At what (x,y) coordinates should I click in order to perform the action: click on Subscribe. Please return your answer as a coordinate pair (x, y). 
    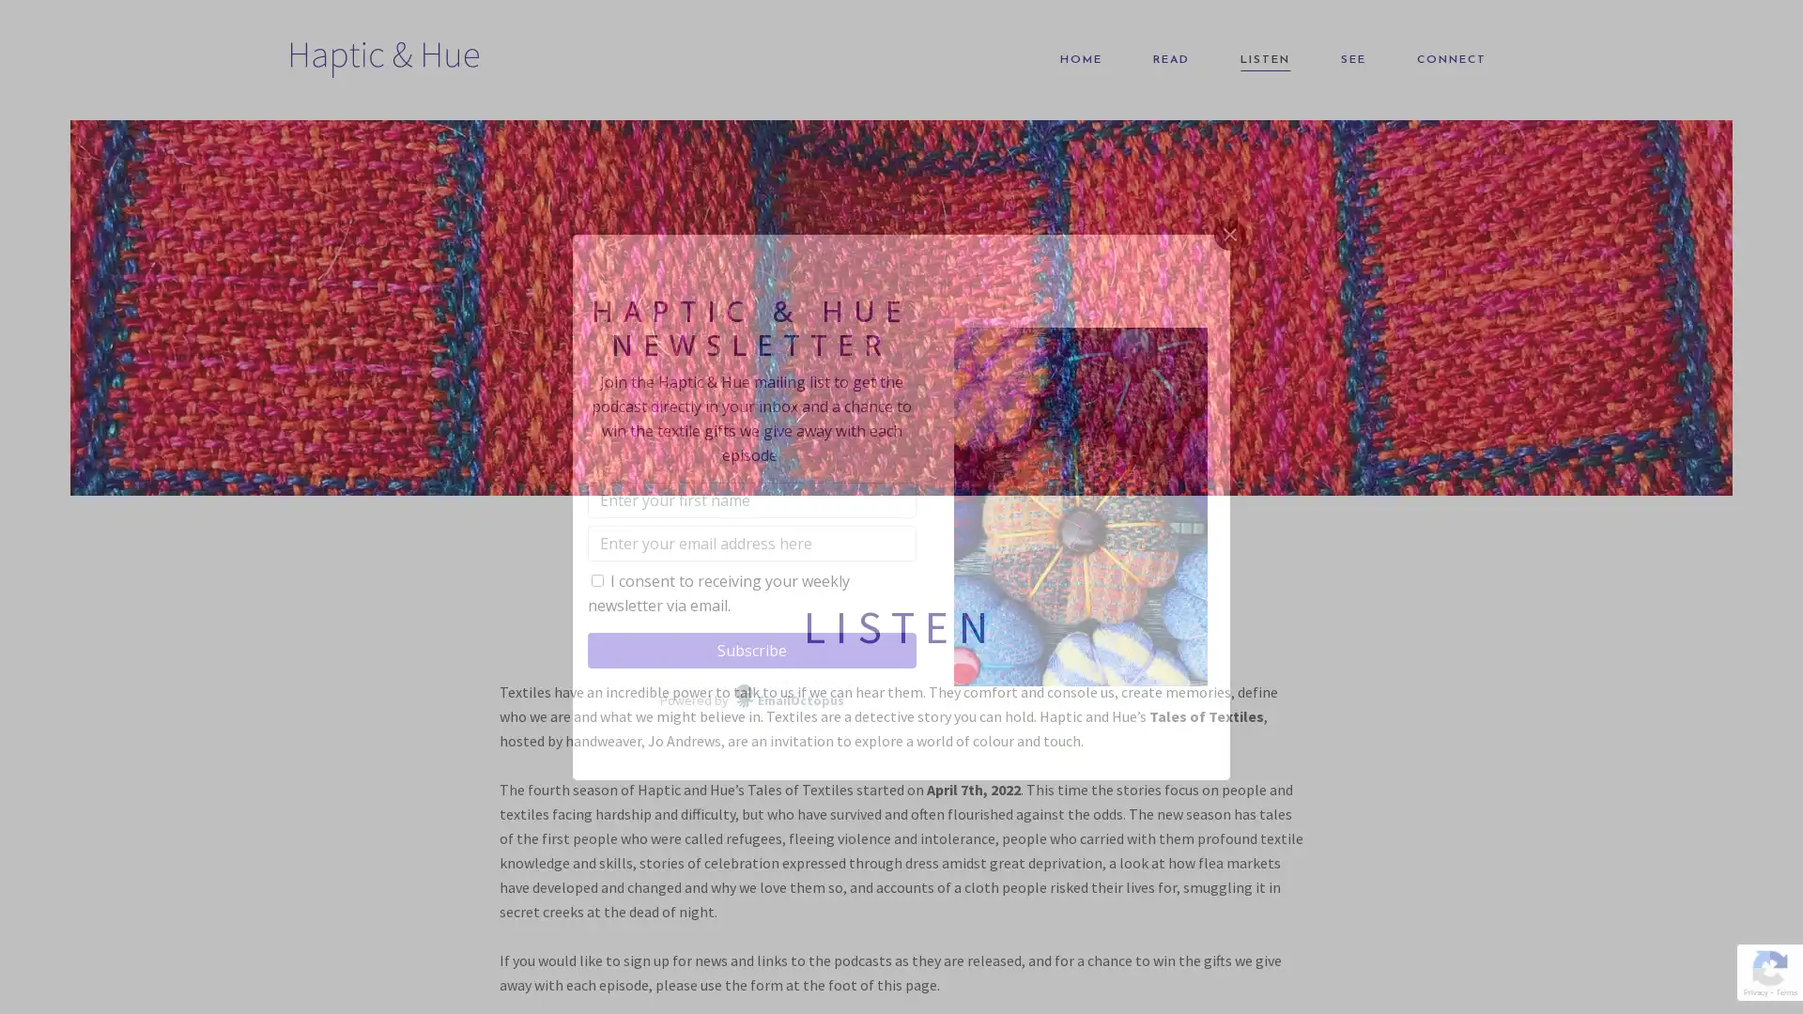
    Looking at the image, I should click on (751, 648).